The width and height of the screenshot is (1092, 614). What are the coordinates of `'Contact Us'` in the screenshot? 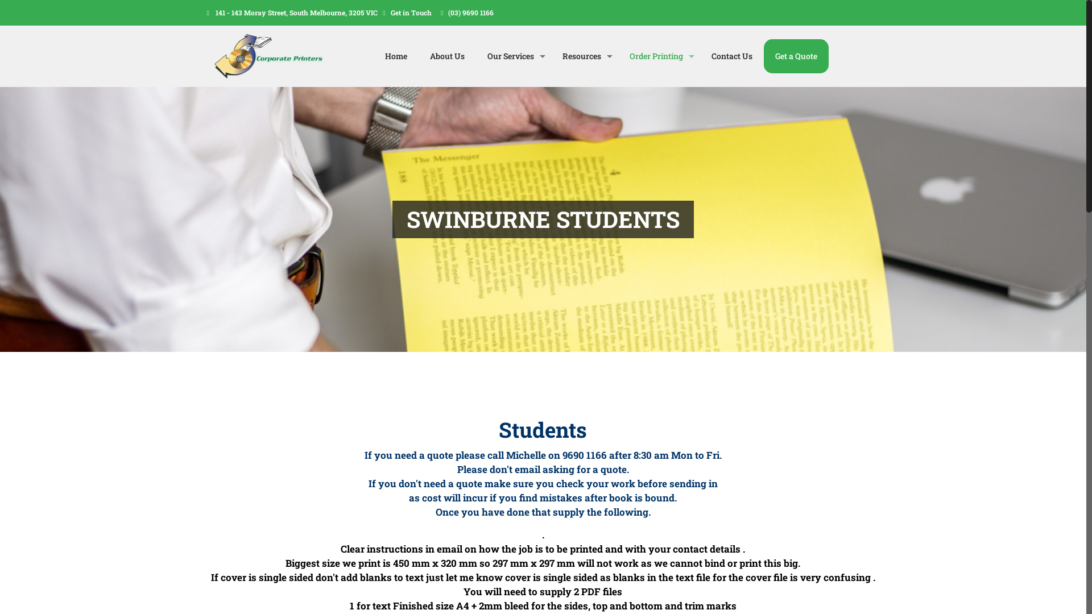 It's located at (731, 56).